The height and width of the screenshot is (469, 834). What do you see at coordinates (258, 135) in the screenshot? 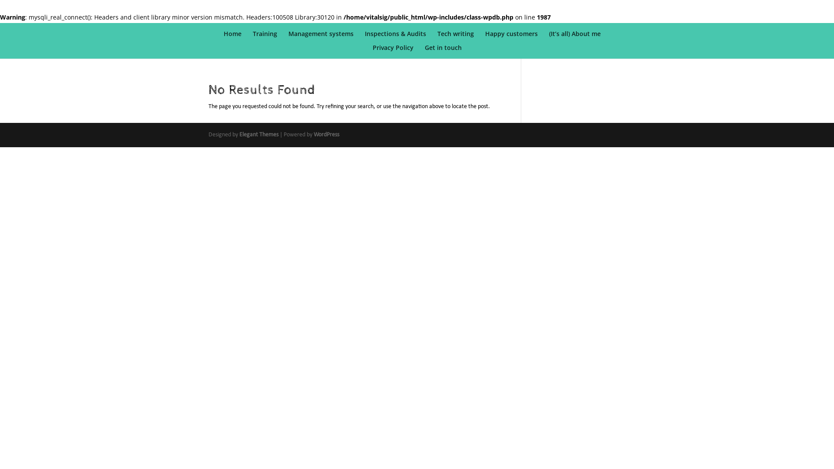
I see `'Elegant Themes'` at bounding box center [258, 135].